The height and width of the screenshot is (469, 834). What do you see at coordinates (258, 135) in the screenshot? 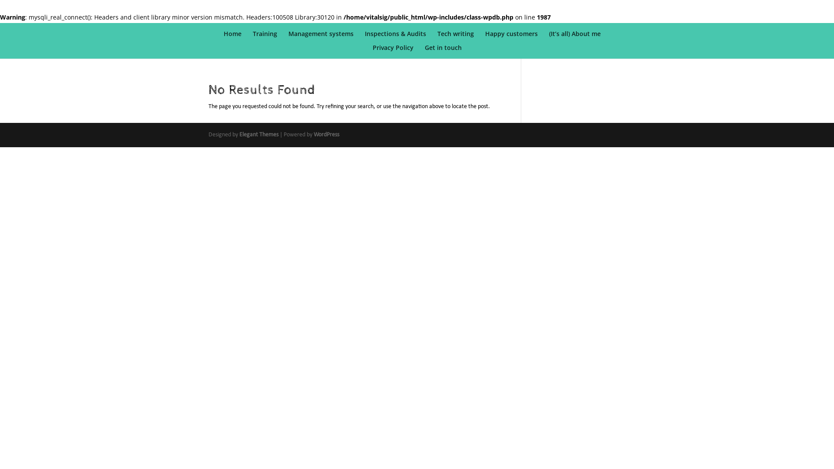
I see `'Elegant Themes'` at bounding box center [258, 135].